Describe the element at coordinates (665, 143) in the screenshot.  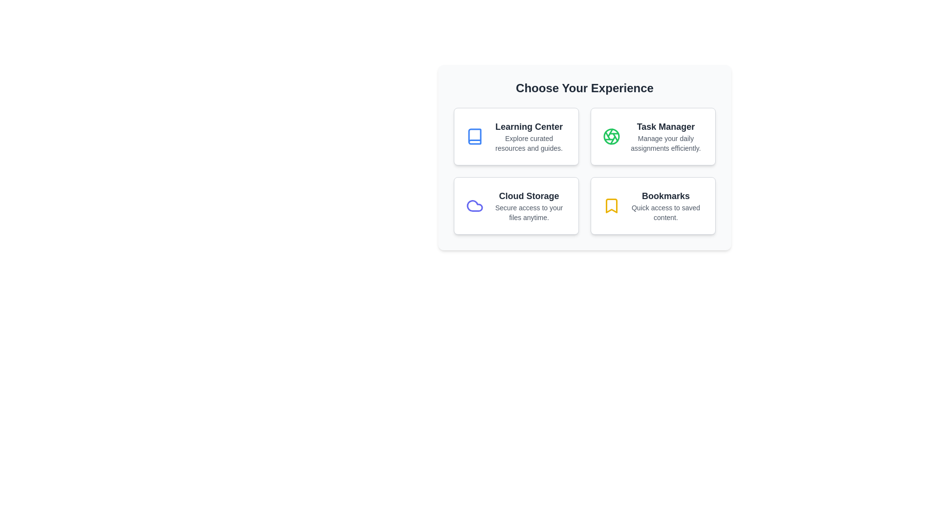
I see `text content of the descriptive text reading 'Manage your daily assignments efficiently.' which is styled in gray and positioned below the 'Task Manager' title in the upper-right content card` at that location.